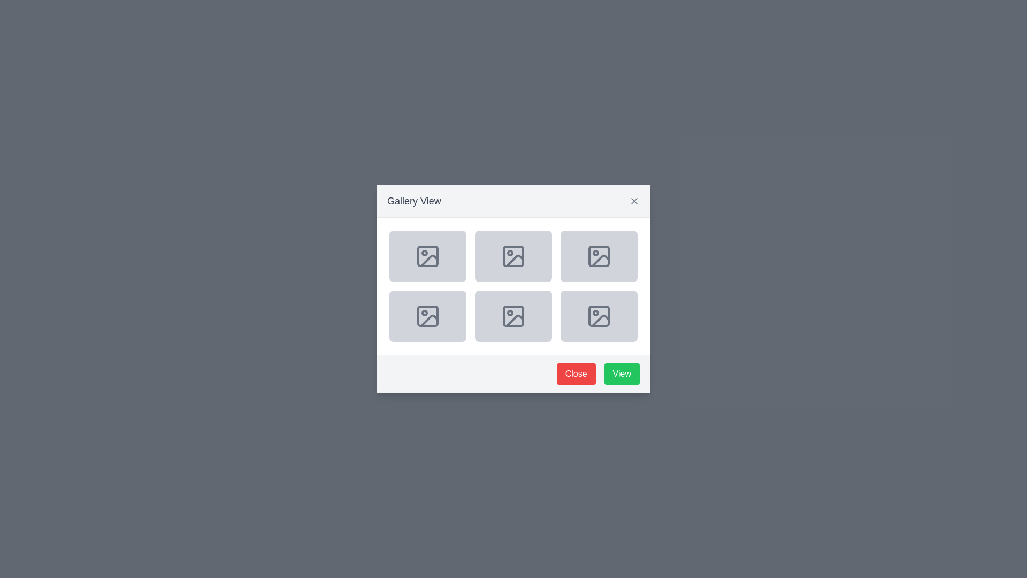 Image resolution: width=1027 pixels, height=578 pixels. What do you see at coordinates (428, 256) in the screenshot?
I see `the icon representing the first image` at bounding box center [428, 256].